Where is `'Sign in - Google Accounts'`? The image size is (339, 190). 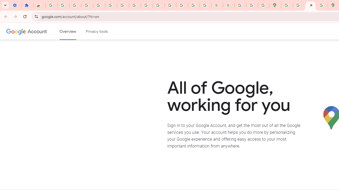
'Sign in - Google Accounts' is located at coordinates (51, 5).